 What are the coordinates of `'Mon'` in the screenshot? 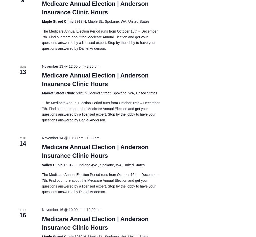 It's located at (22, 66).